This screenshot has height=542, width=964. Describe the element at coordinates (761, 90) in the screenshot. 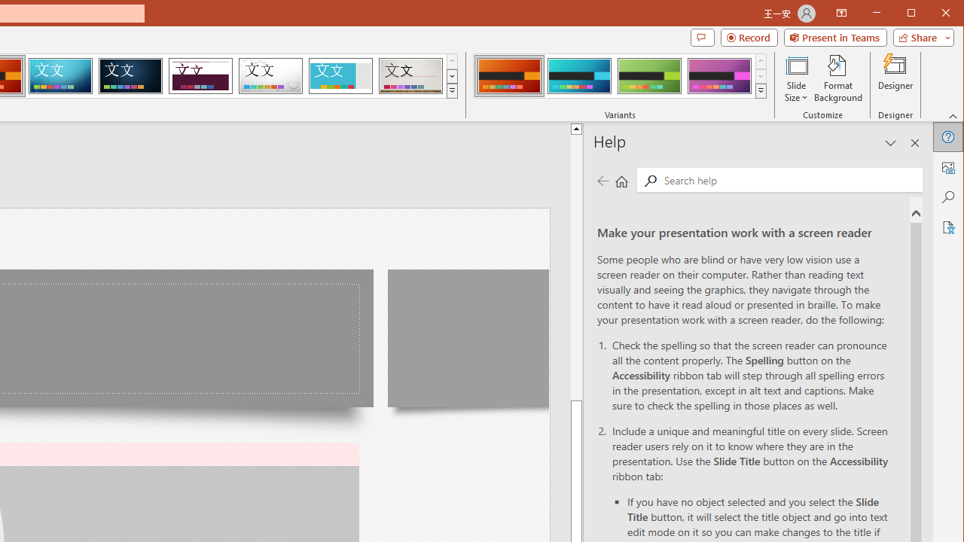

I see `'Variants'` at that location.